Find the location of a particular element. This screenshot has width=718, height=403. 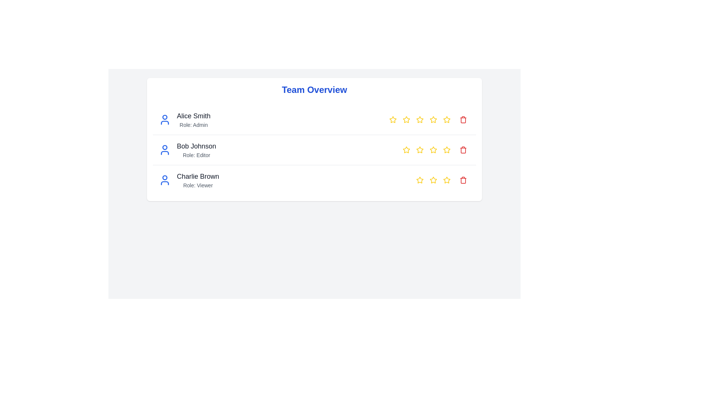

the SVG circle element that is part of the blue avatar icon next to 'Charlie Brown' in the third row of the user list is located at coordinates (165, 177).